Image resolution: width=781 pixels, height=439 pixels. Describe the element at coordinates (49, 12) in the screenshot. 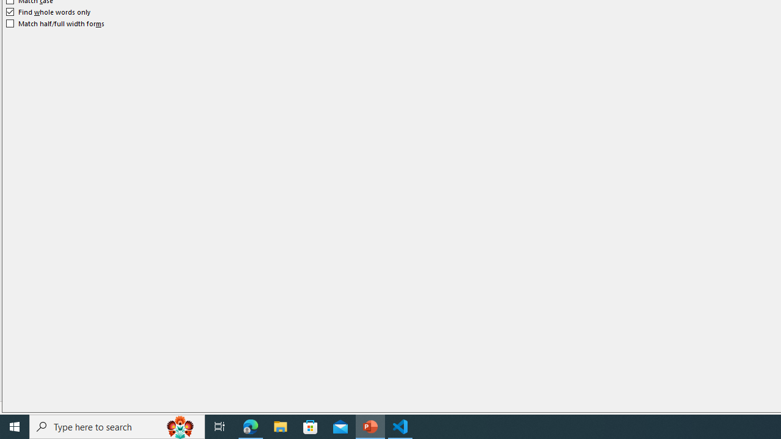

I see `'Find whole words only'` at that location.